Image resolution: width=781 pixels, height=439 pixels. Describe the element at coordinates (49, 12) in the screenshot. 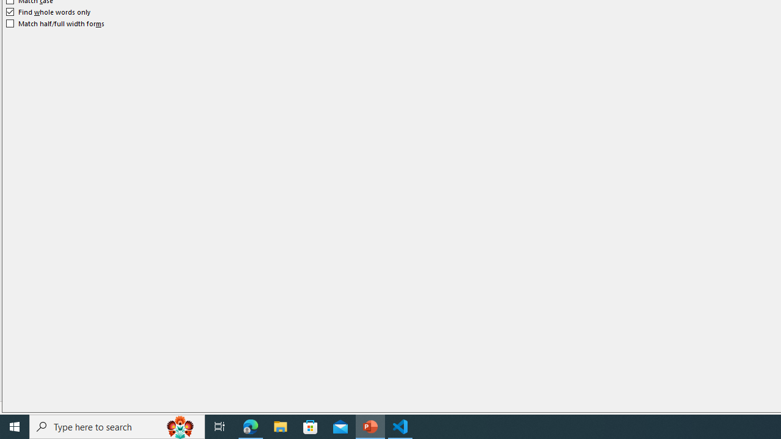

I see `'Find whole words only'` at that location.